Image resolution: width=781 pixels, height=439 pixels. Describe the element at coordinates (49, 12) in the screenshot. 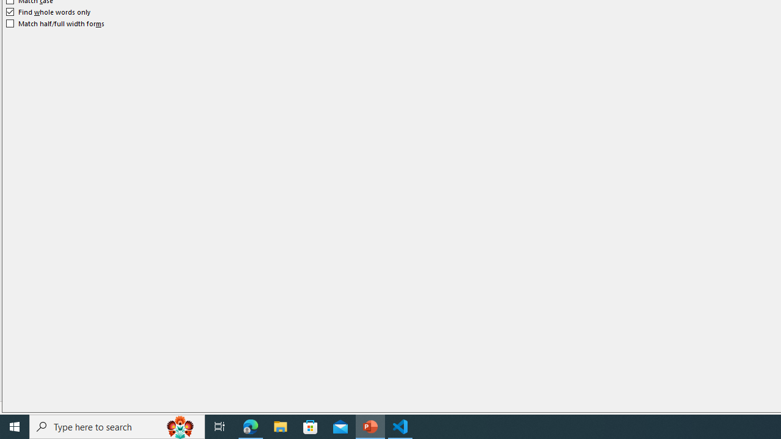

I see `'Find whole words only'` at that location.